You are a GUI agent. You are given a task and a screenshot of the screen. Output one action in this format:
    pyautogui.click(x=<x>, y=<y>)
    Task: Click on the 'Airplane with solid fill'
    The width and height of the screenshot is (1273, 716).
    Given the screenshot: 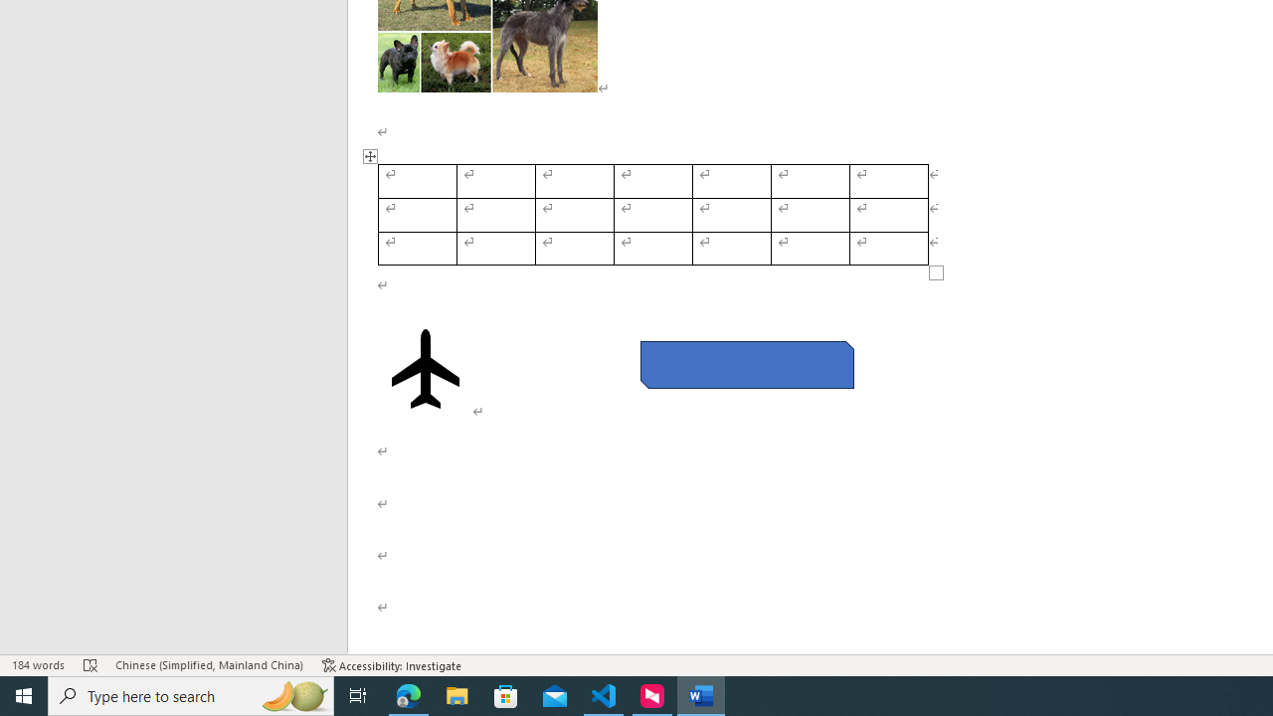 What is the action you would take?
    pyautogui.click(x=425, y=369)
    